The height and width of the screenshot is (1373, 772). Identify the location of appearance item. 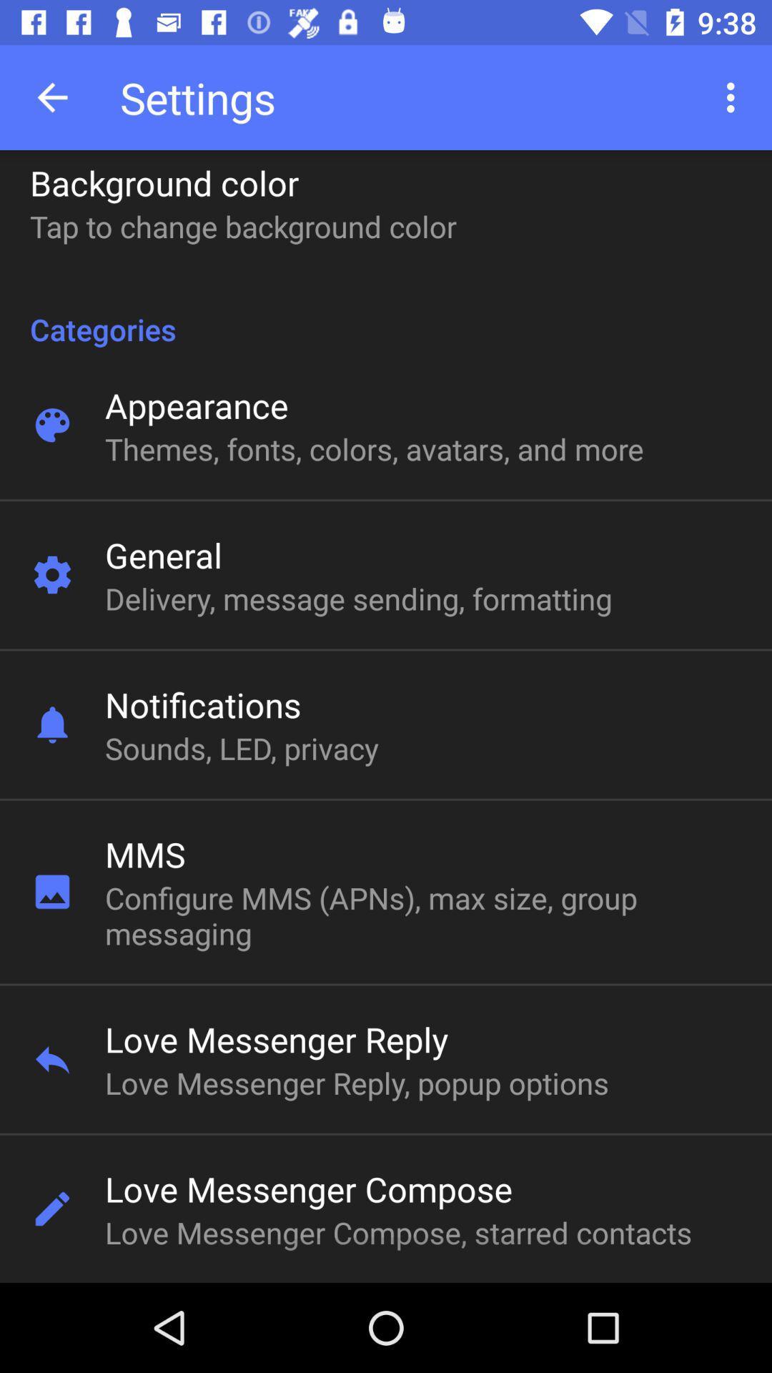
(197, 404).